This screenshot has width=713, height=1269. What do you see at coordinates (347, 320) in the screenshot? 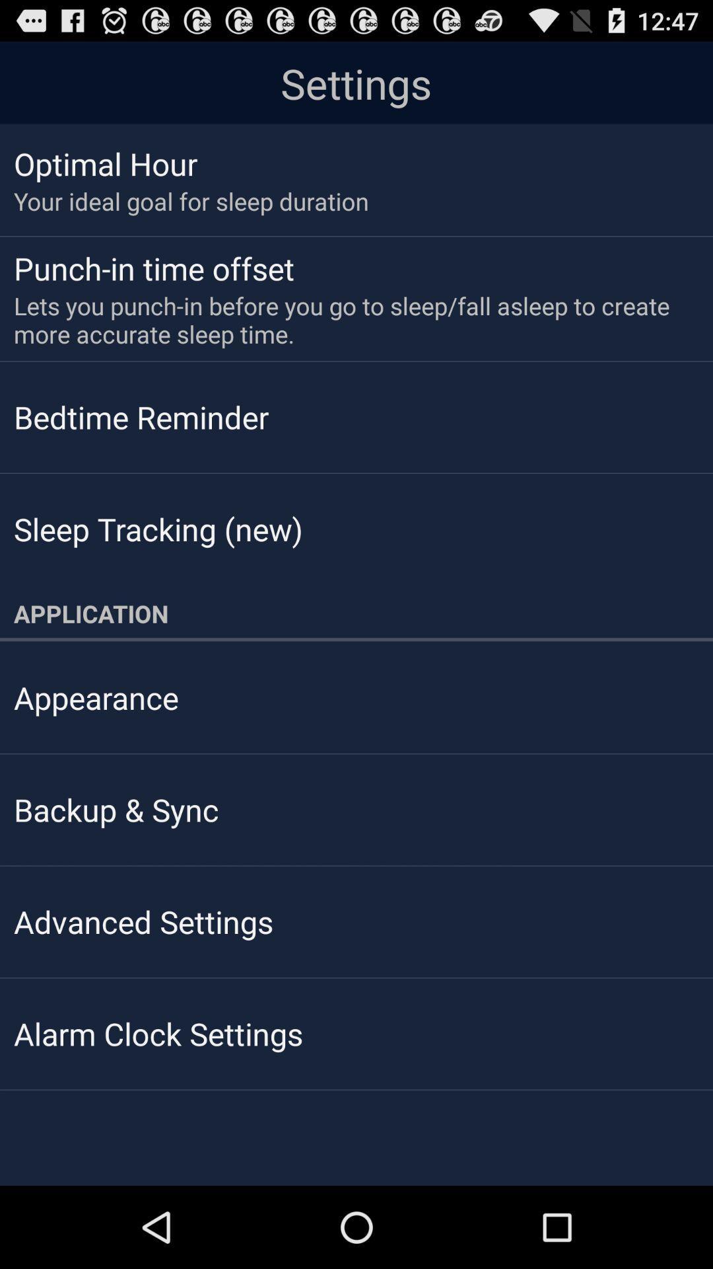
I see `lets you punch app` at bounding box center [347, 320].